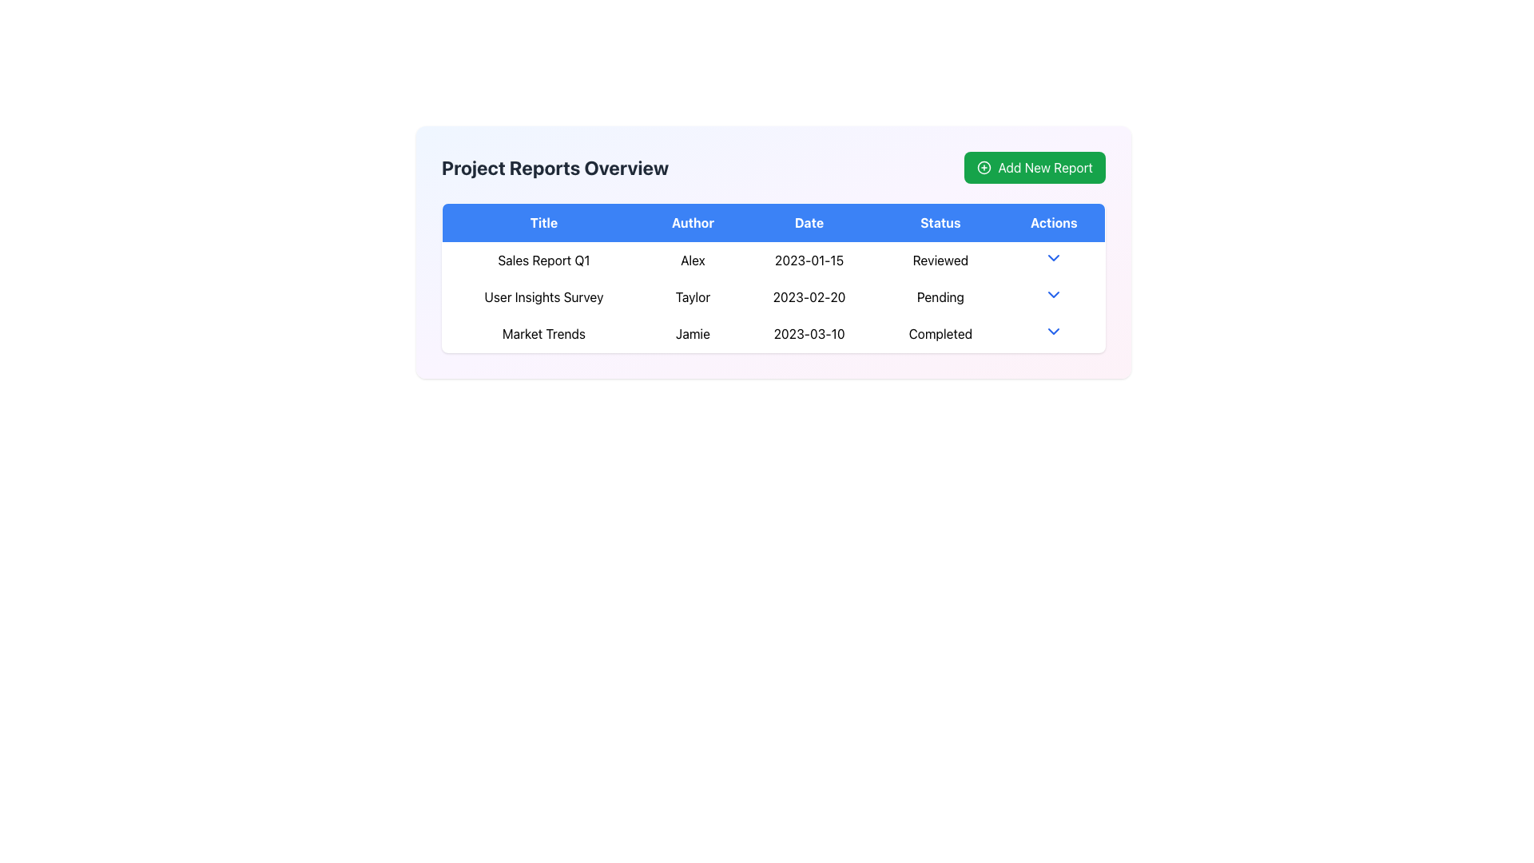 The image size is (1534, 863). I want to click on the 'Status' column header in the data table, which is the fourth column in the sequence of headers 'Title', 'Author', 'Date', 'Status', and 'Actions', so click(940, 222).